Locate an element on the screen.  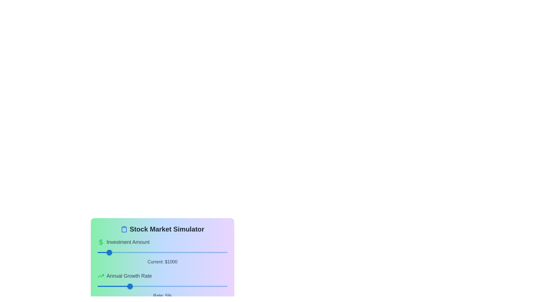
the slider value is located at coordinates (128, 286).